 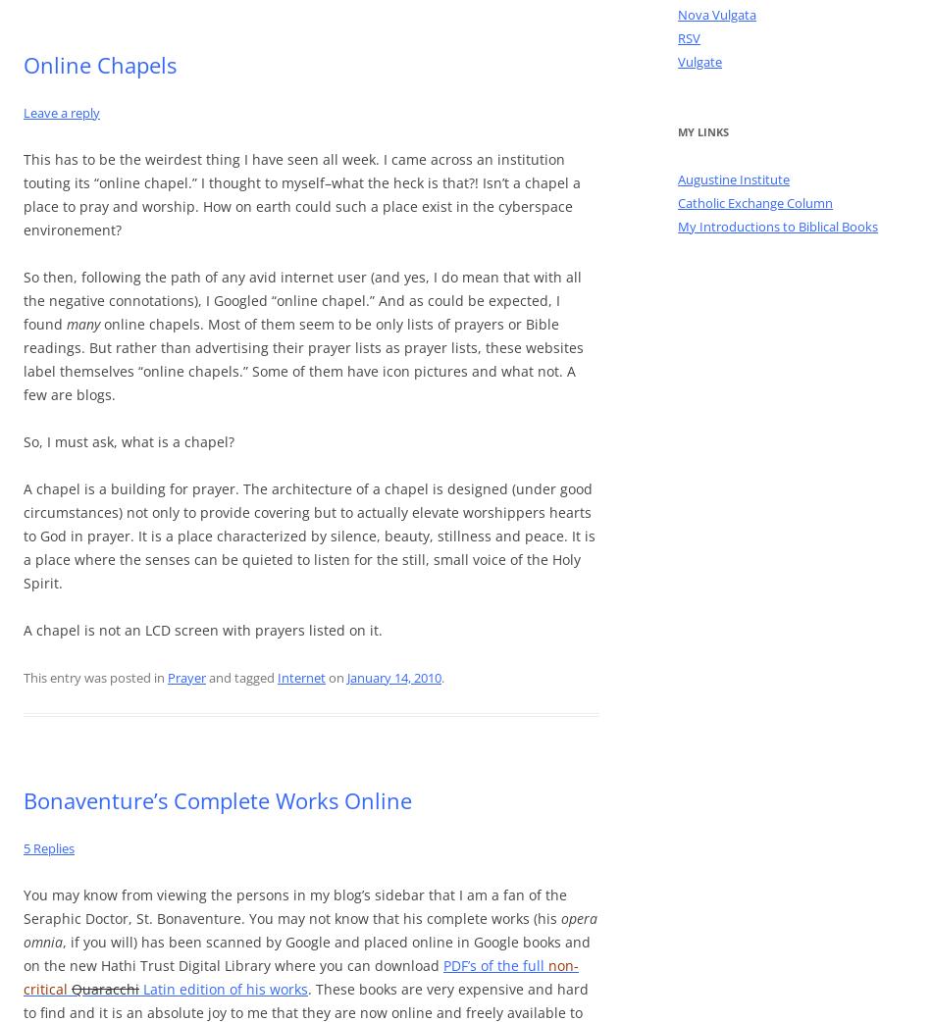 What do you see at coordinates (100, 63) in the screenshot?
I see `'Online Chapels'` at bounding box center [100, 63].